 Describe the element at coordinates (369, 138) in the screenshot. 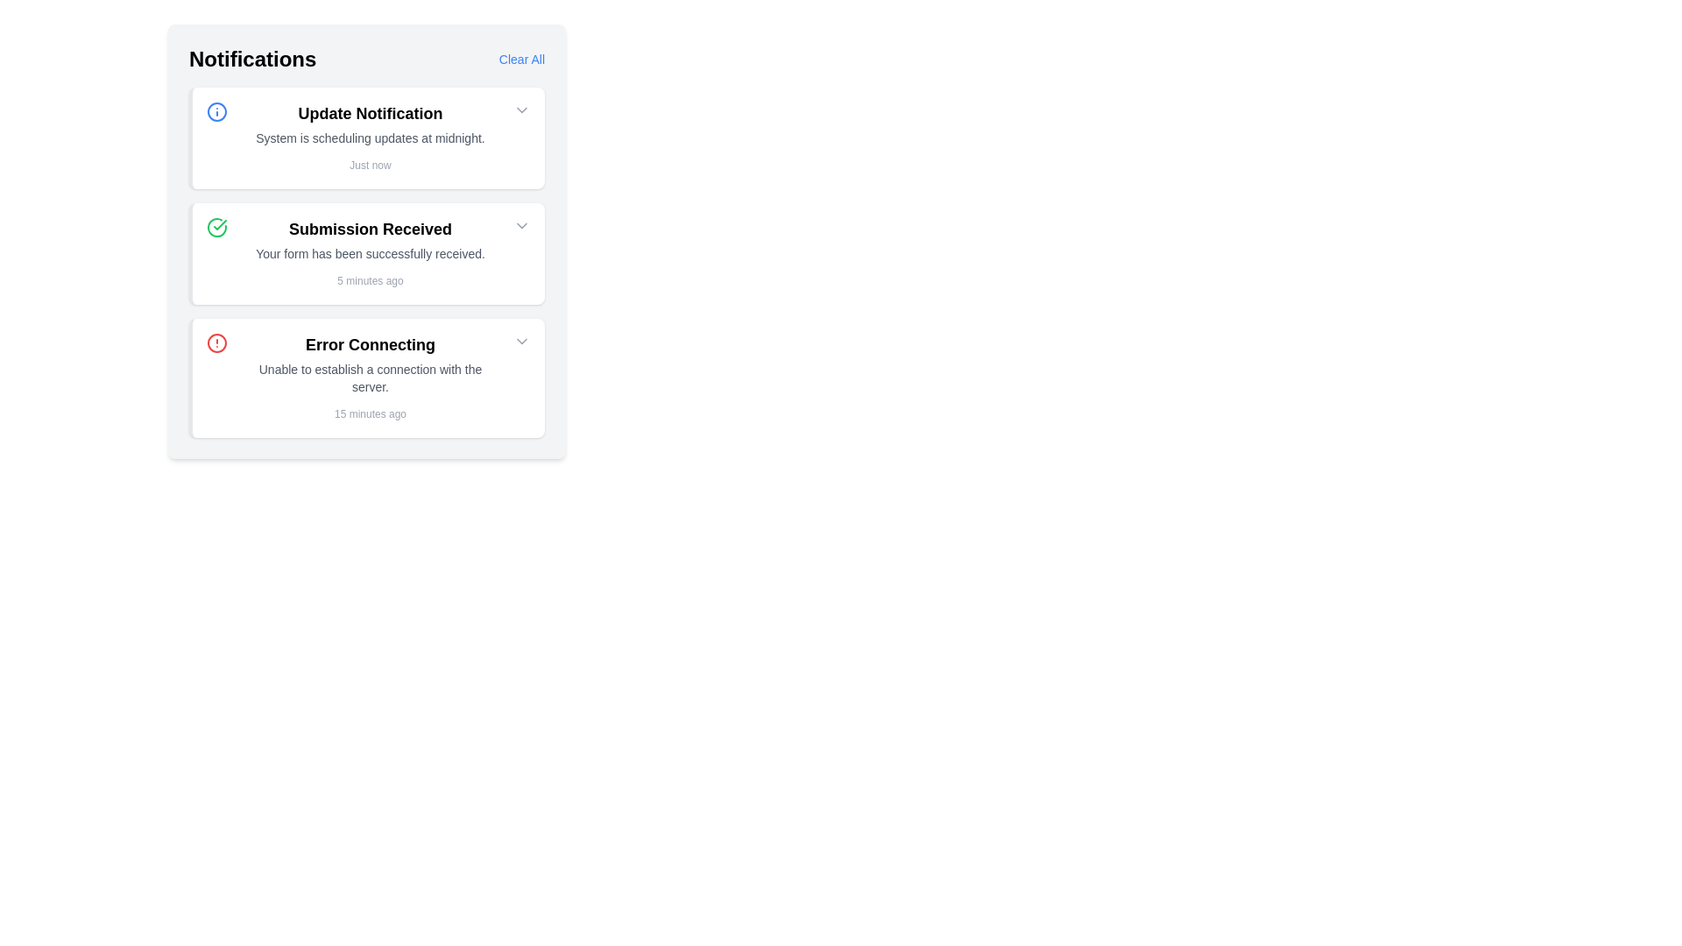

I see `the static text element displaying 'System is scheduling updates at midnight.' which is located below the title 'Update Notification' and above the timestamp 'Just now'` at that location.